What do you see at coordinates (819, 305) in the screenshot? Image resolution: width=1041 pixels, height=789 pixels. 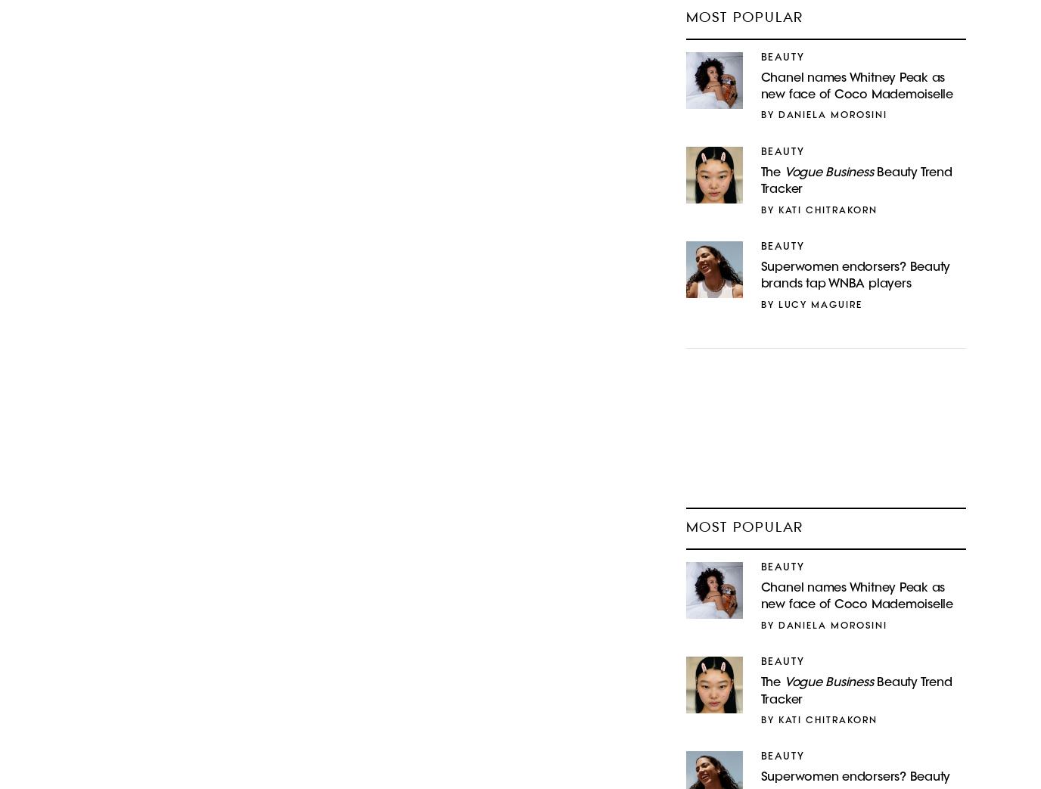 I see `'Lucy Maguire'` at bounding box center [819, 305].